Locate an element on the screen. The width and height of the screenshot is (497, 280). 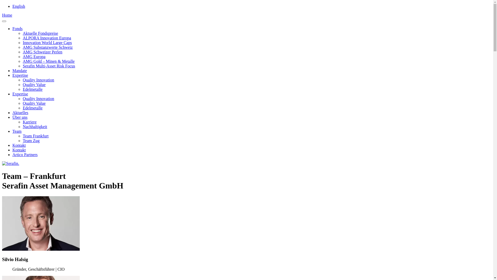
'Quality Value' is located at coordinates (34, 103).